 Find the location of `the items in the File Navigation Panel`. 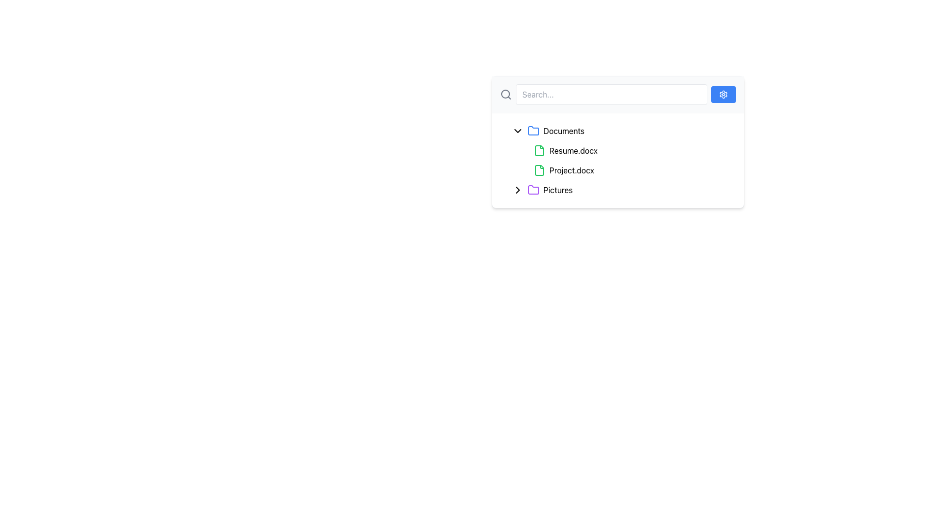

the items in the File Navigation Panel is located at coordinates (617, 142).